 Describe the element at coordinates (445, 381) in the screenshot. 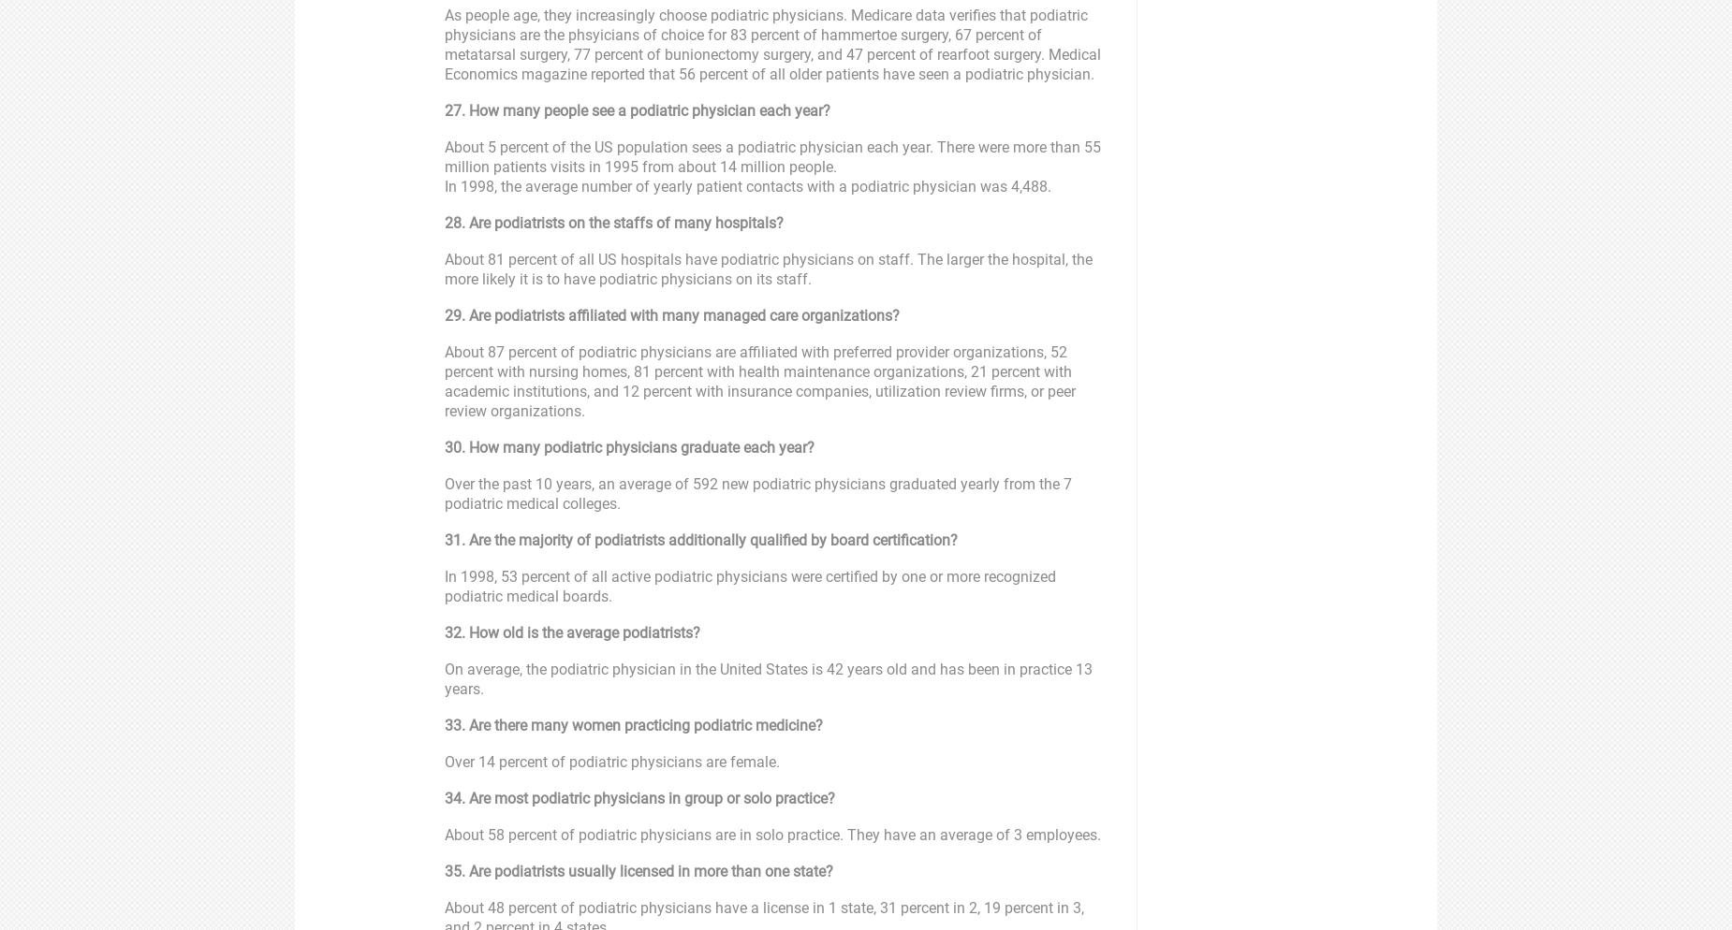

I see `'About 87 percent of podiatric physicians are affiliated with preferred provider organizations, 52 percent with nursing homes, 81 percent with health maintenance organizations, 21 percent with academic institutions, and 12 percent with insurance companies, utilization review firms, or peer review organizations.'` at that location.